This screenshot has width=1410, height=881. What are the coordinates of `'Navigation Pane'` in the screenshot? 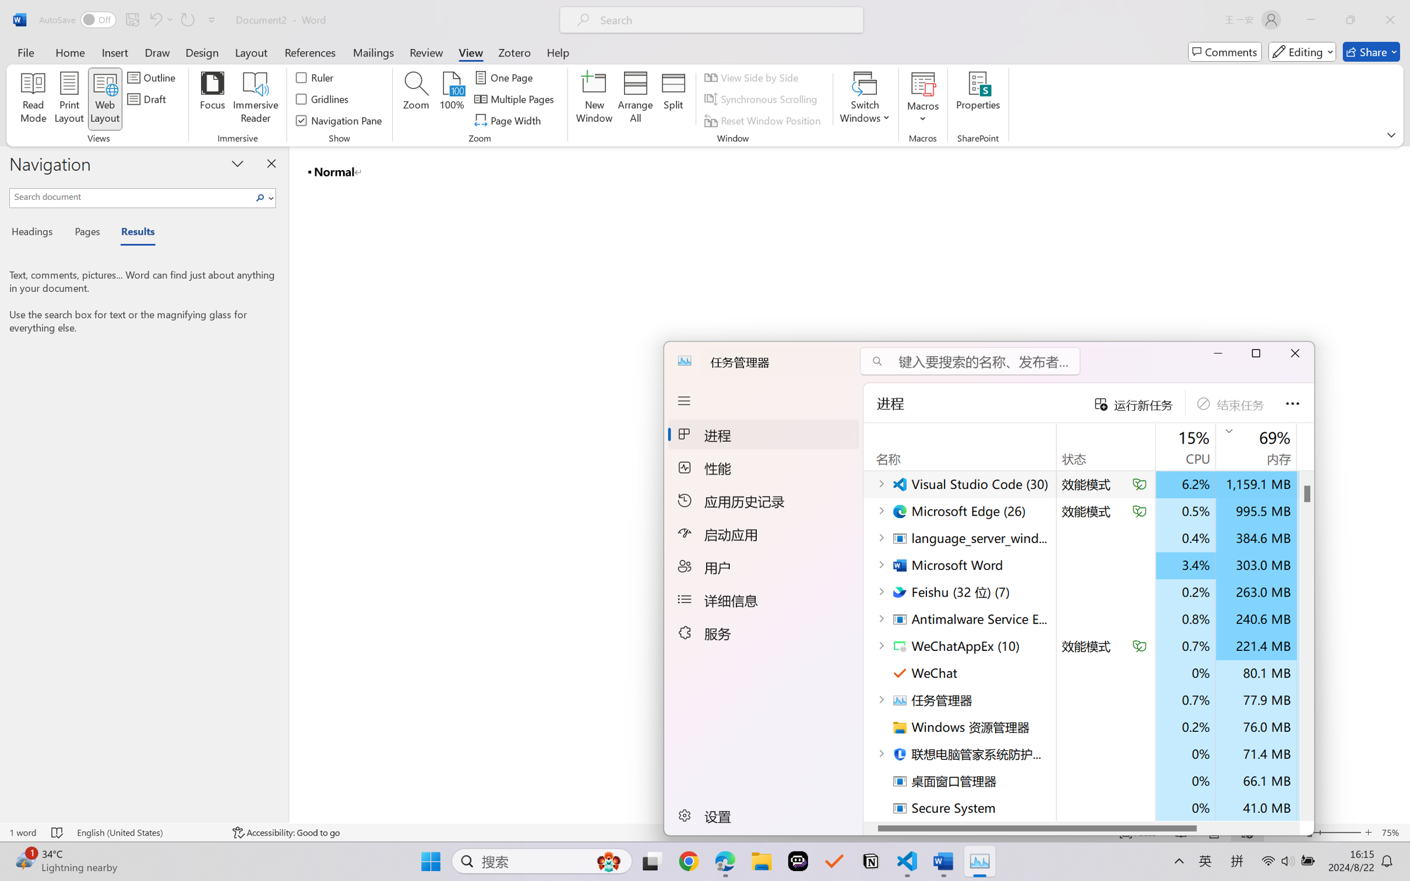 It's located at (339, 121).